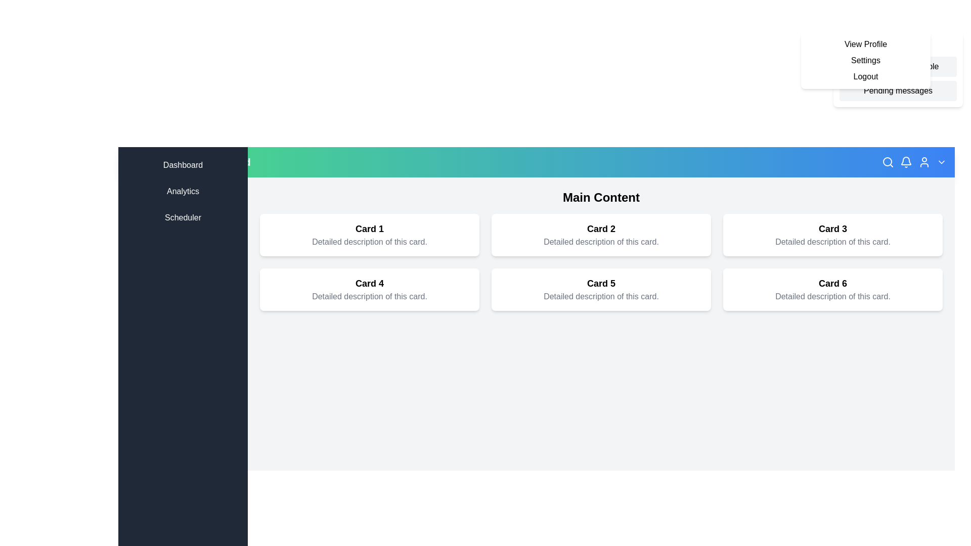  Describe the element at coordinates (906, 161) in the screenshot. I see `the Icon button located at the top-right corner of the application header to interact with notifications` at that location.